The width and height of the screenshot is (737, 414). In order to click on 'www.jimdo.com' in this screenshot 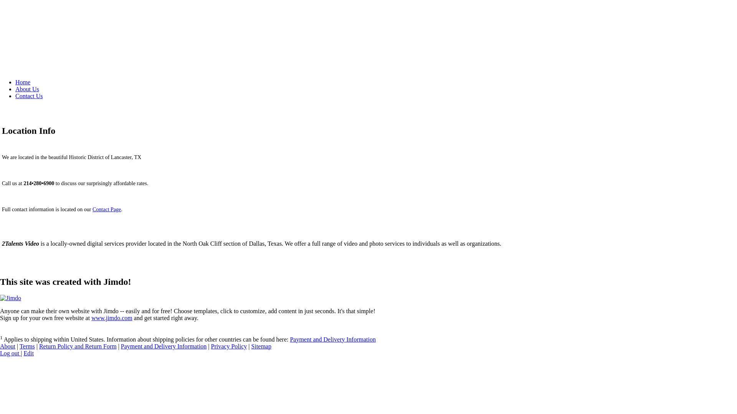, I will do `click(111, 318)`.